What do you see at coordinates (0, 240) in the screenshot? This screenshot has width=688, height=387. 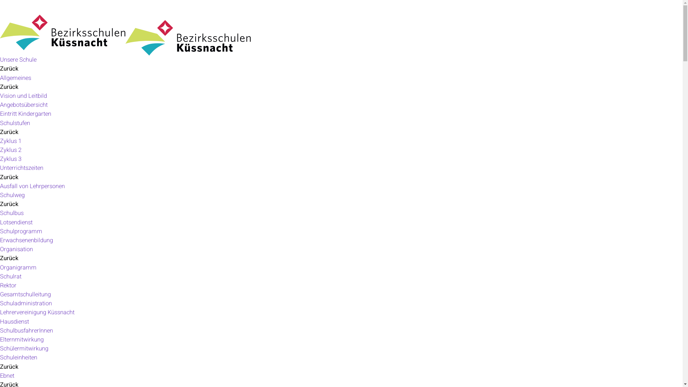 I see `'Erwachsenenbildung'` at bounding box center [0, 240].